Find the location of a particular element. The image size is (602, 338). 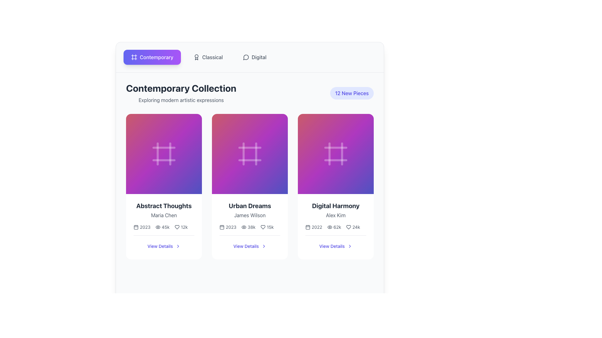

the text block that serves as a title and author description for a specific item in a collection, located within the third box in a row of similar boxes, directly to the right of the box titled 'Urban Dreams' by James Wilson is located at coordinates (335, 210).